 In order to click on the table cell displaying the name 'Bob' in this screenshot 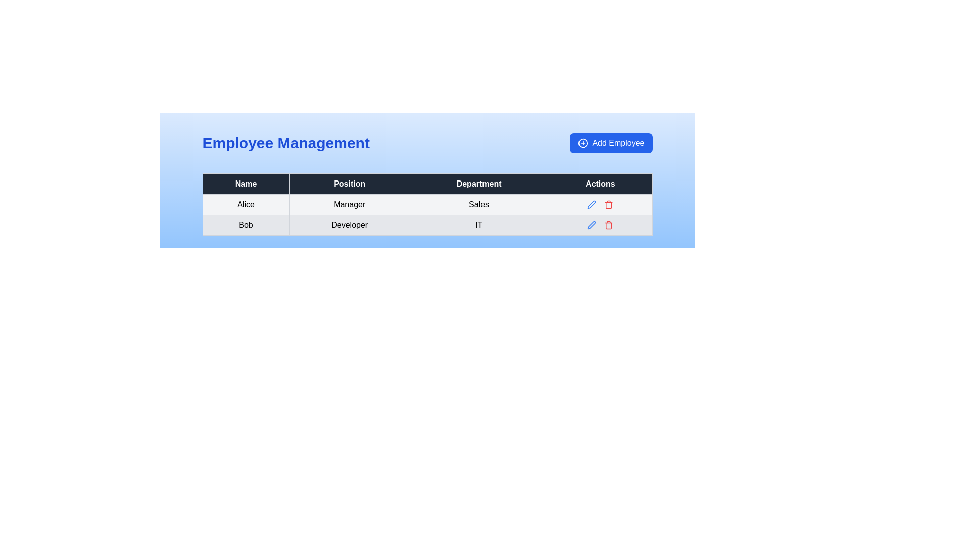, I will do `click(246, 224)`.